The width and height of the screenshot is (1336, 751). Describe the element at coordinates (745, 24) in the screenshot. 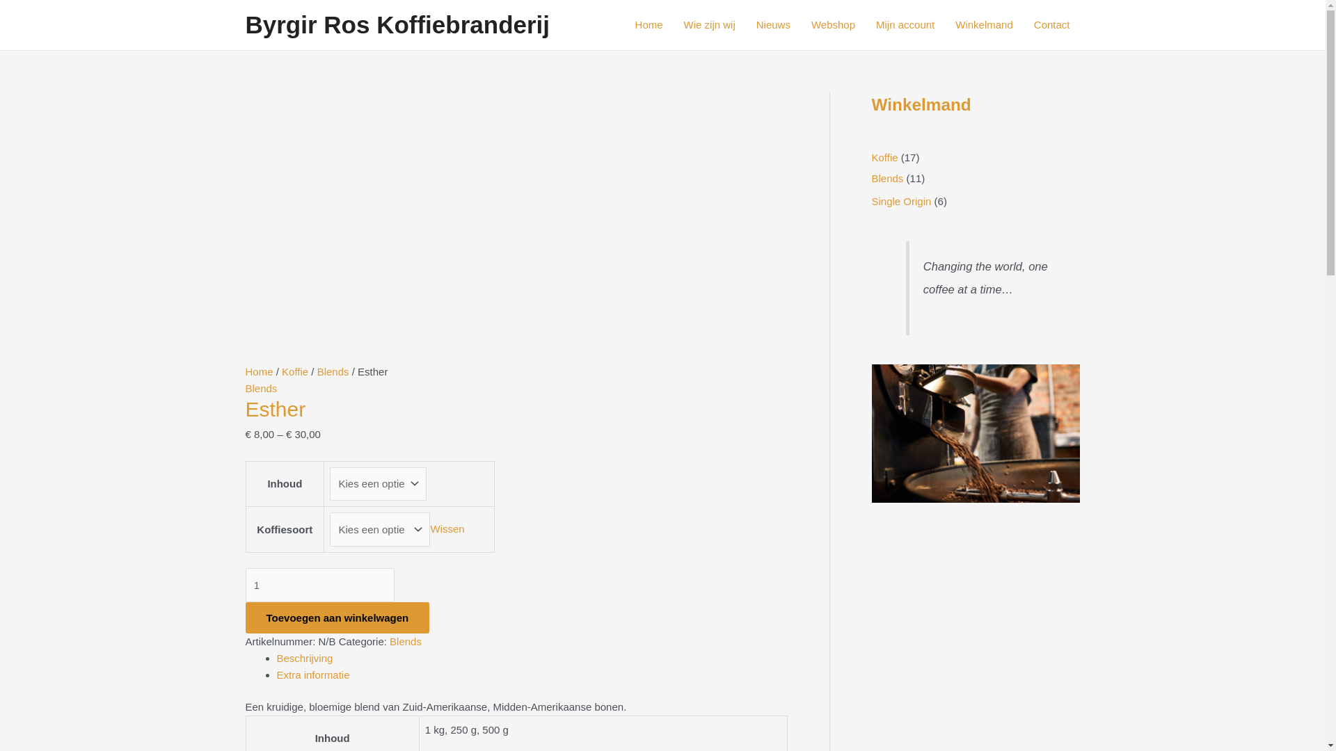

I see `'Nieuws'` at that location.